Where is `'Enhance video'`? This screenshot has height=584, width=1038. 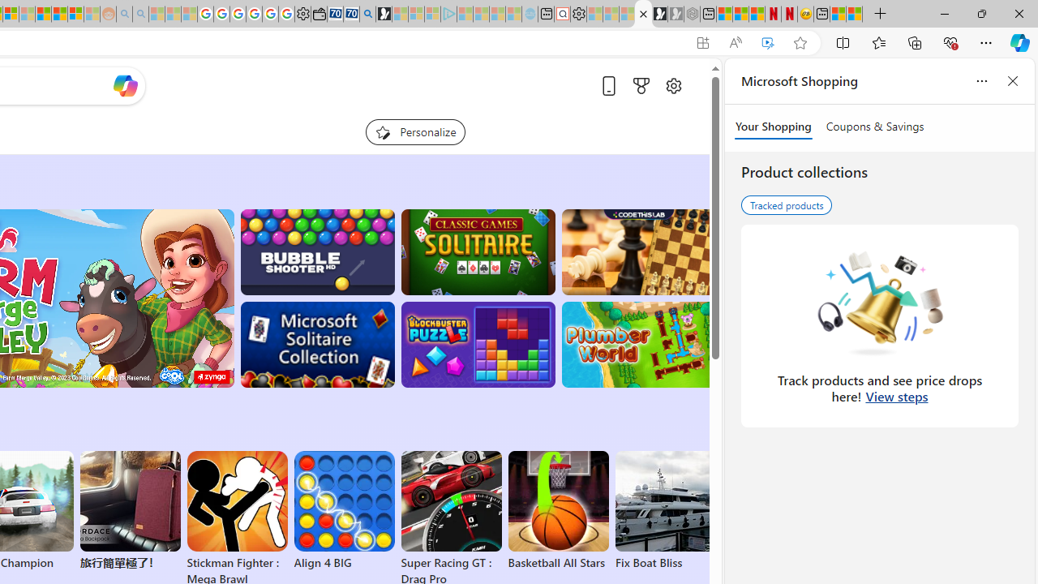
'Enhance video' is located at coordinates (766, 42).